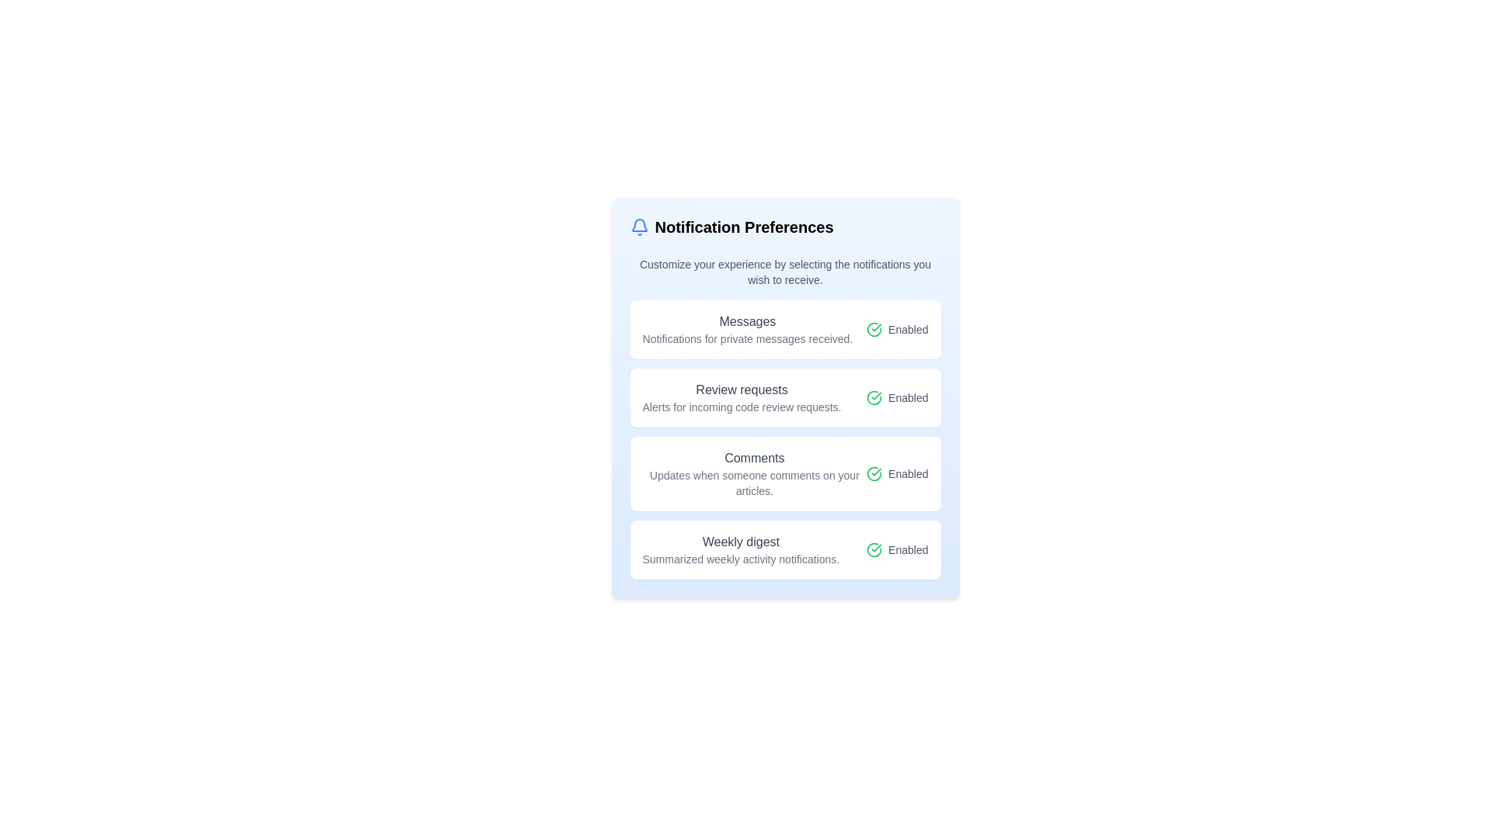 The width and height of the screenshot is (1491, 838). What do you see at coordinates (740, 541) in the screenshot?
I see `the 'Weekly digest' label, which is a medium-weight gray text block located below the 'Comments' section and above the descriptive text in the notification preferences` at bounding box center [740, 541].